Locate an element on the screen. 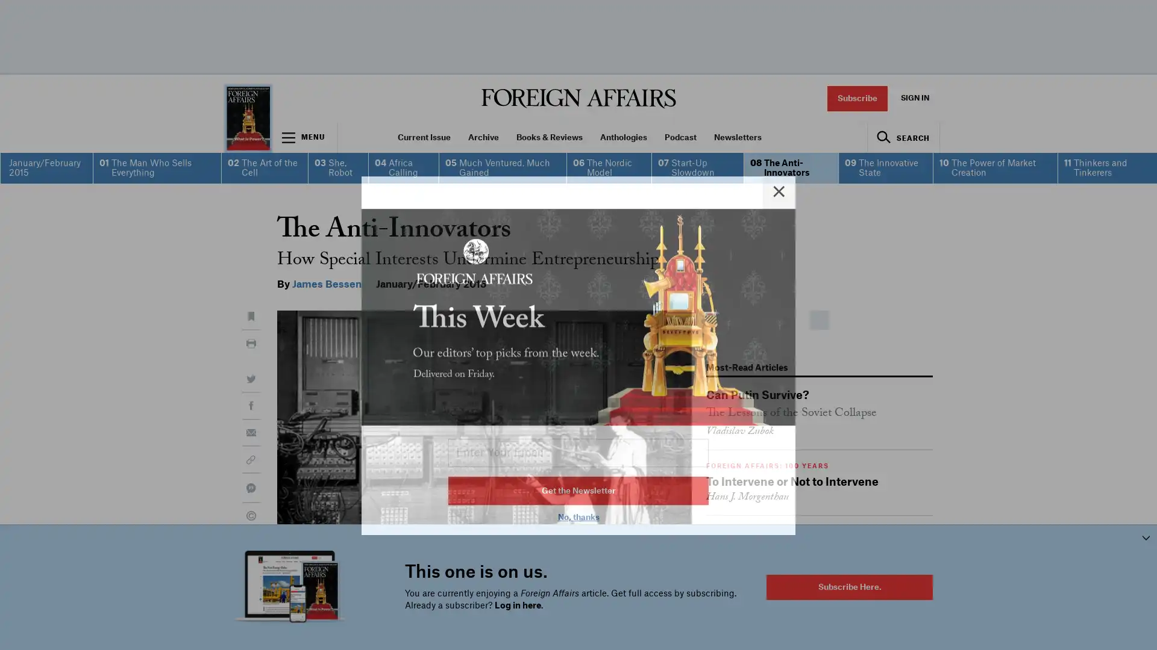  Newsletters is located at coordinates (737, 137).